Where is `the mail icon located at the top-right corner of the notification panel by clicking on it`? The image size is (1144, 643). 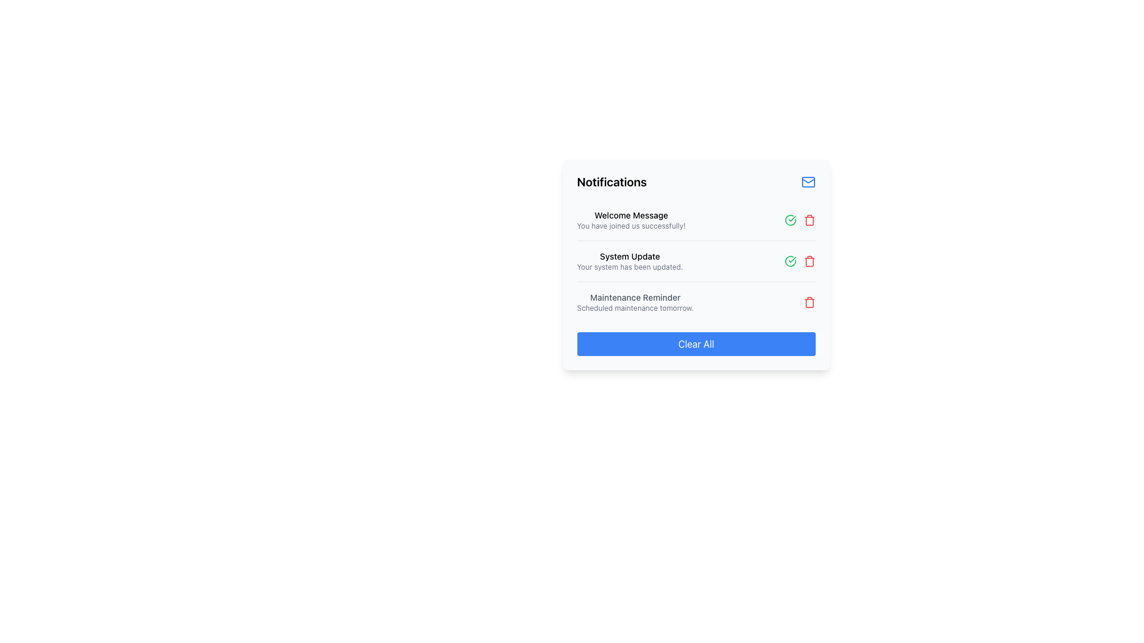 the mail icon located at the top-right corner of the notification panel by clicking on it is located at coordinates (808, 182).